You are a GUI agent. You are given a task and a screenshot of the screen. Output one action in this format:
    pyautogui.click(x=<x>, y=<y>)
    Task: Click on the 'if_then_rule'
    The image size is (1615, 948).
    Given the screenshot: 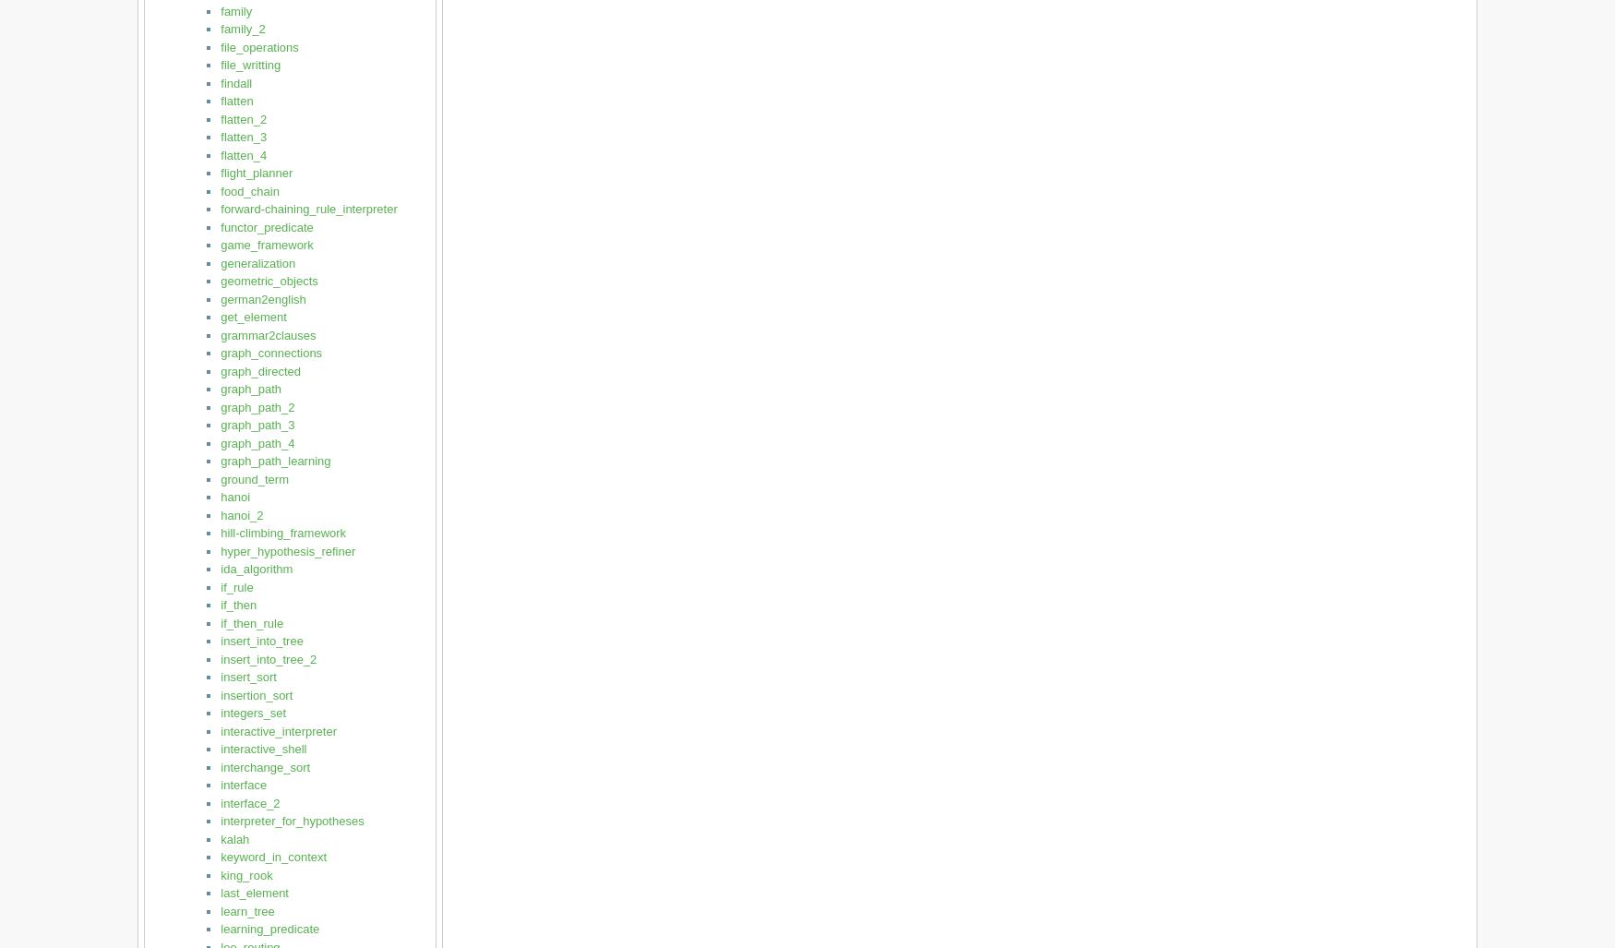 What is the action you would take?
    pyautogui.click(x=251, y=621)
    